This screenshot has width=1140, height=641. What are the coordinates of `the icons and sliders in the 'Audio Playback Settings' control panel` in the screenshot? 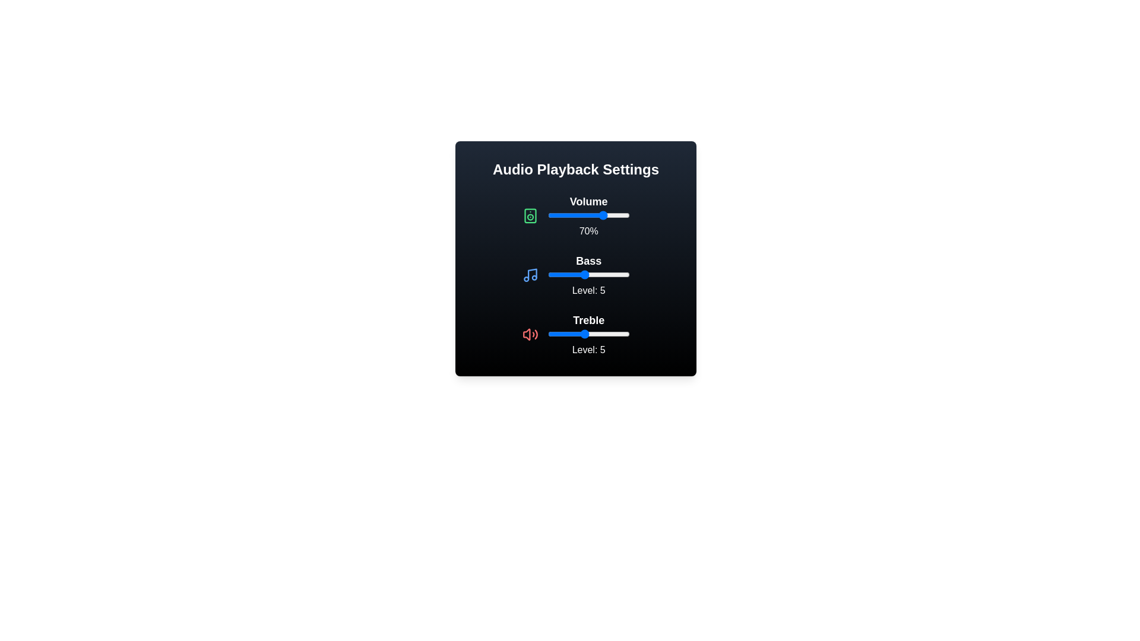 It's located at (575, 258).